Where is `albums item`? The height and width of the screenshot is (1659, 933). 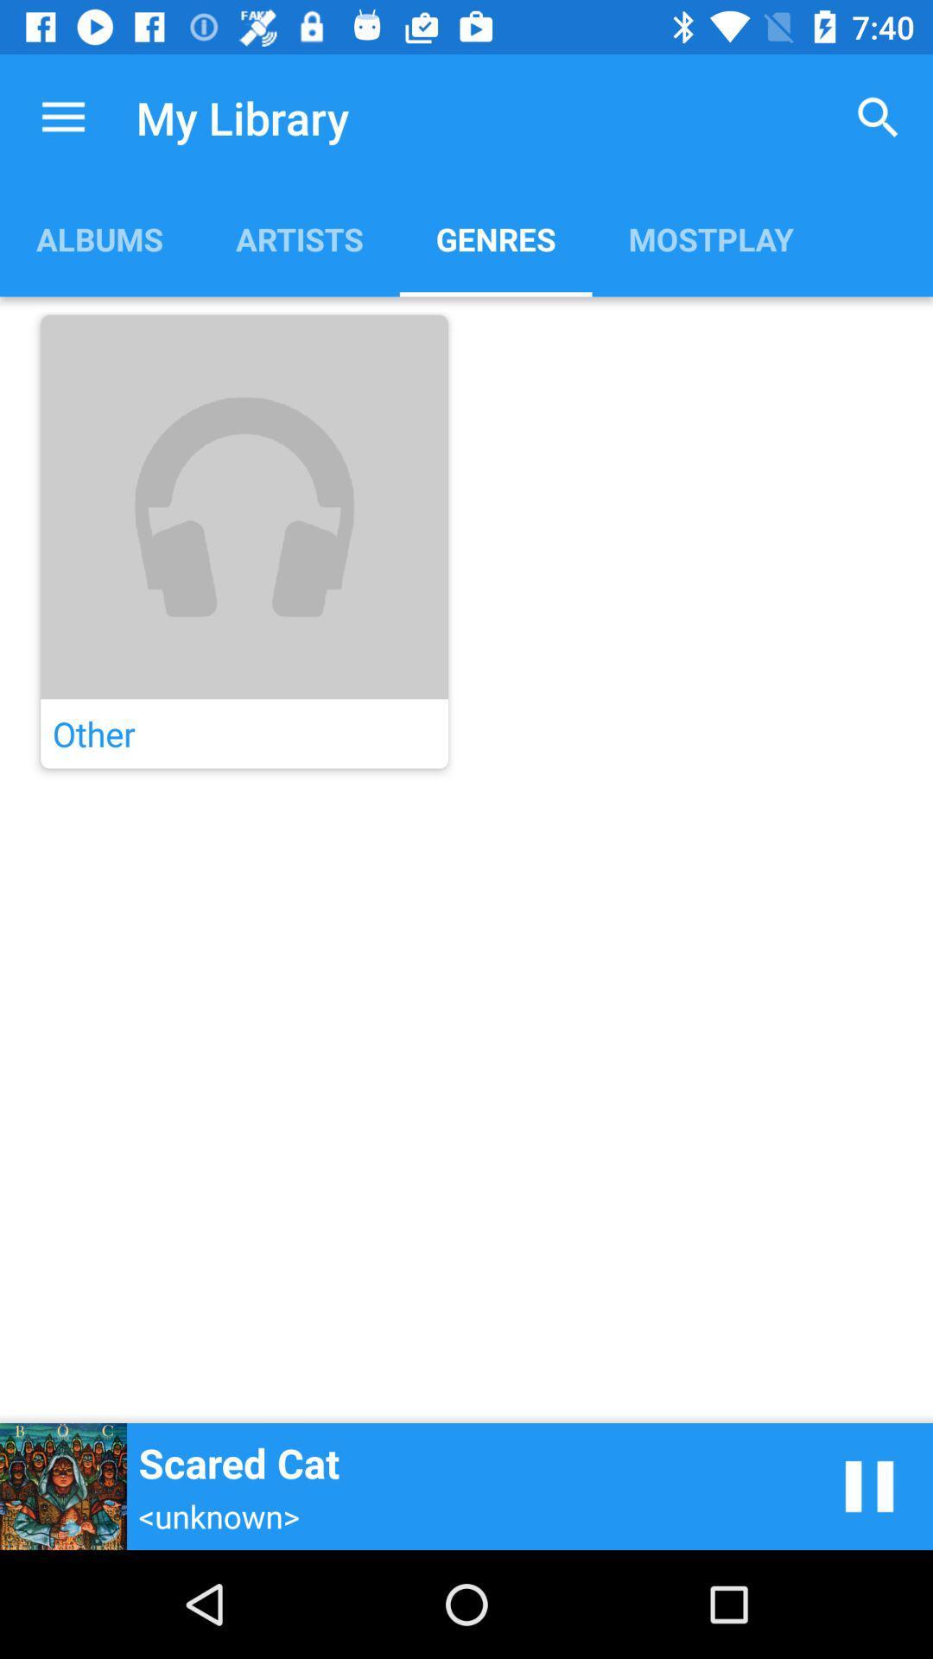 albums item is located at coordinates (99, 238).